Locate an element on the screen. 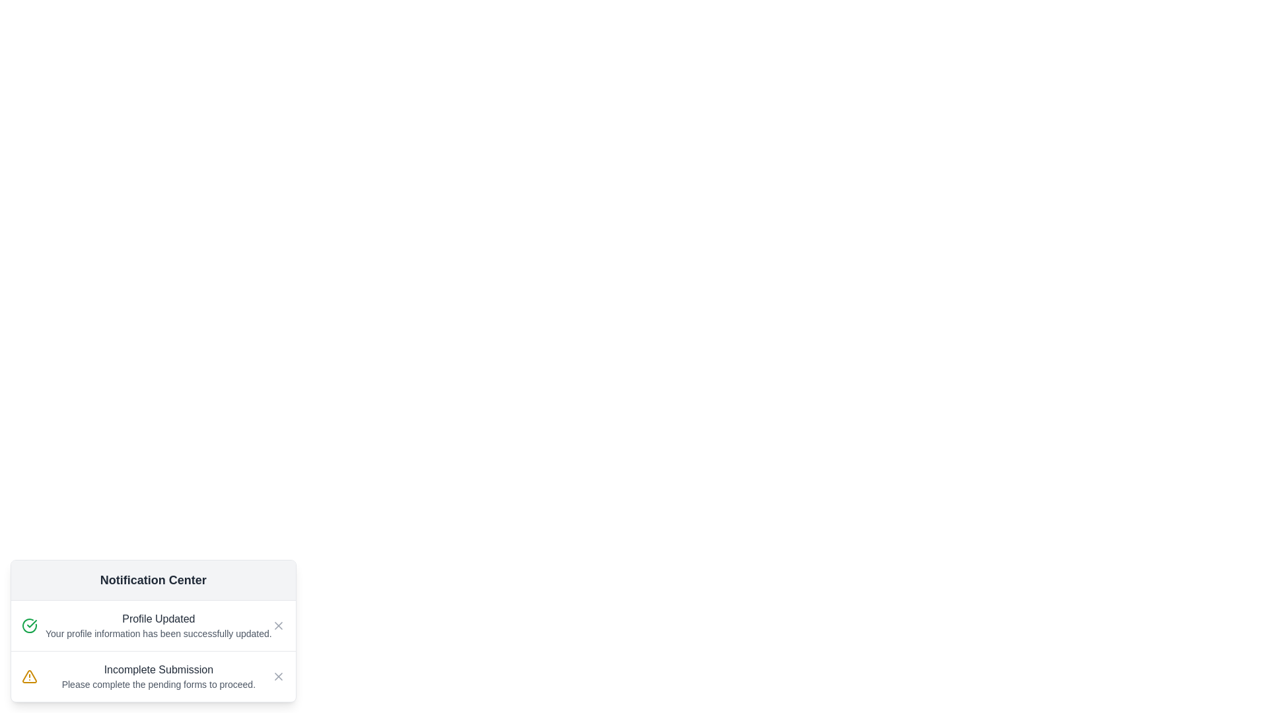  the close button located at the far-right end of the notification entry titled 'Profile Updated' is located at coordinates (277, 625).